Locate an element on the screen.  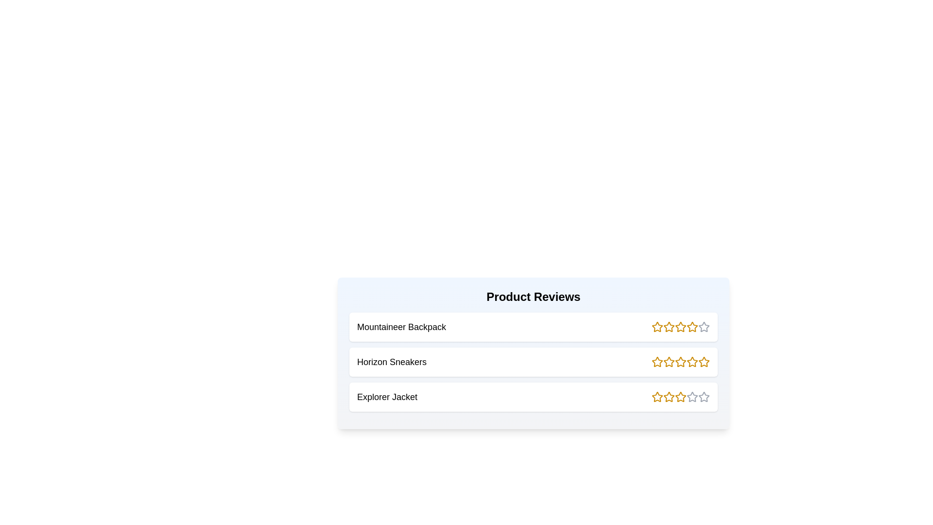
the rating of a product to 1 stars by clicking the corresponding star icon for the product Explorer Jacket is located at coordinates (657, 397).